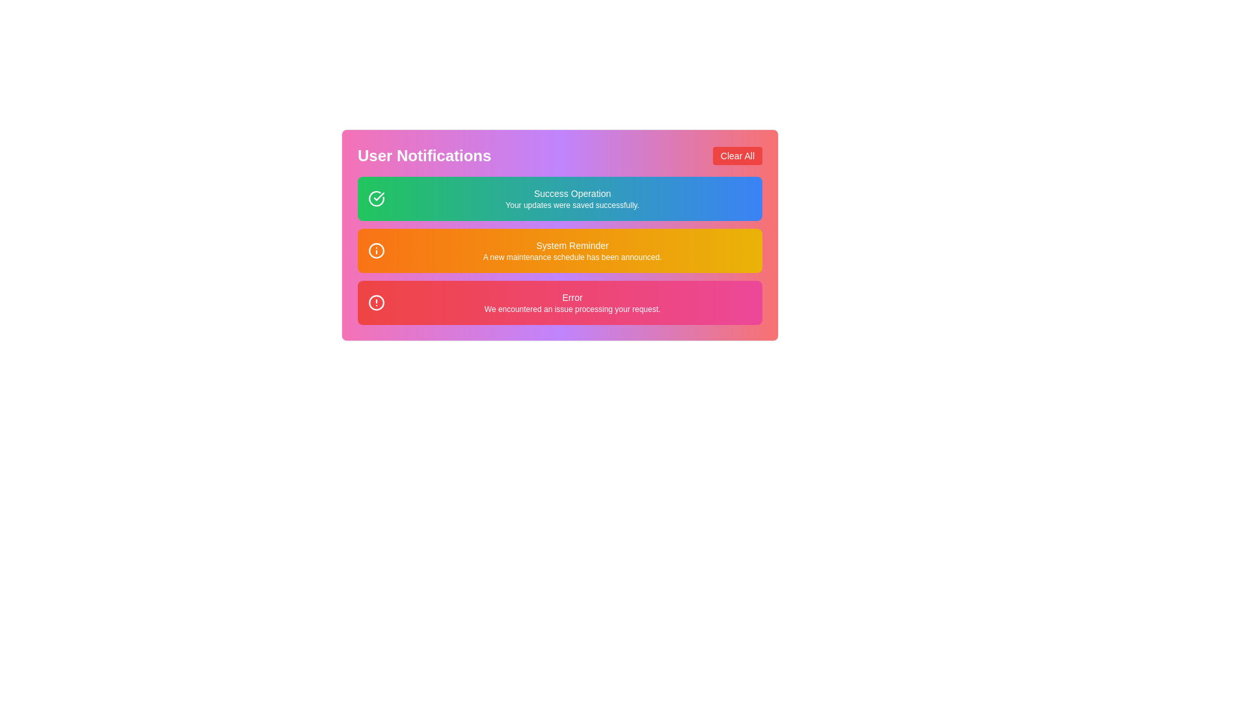 This screenshot has height=702, width=1249. What do you see at coordinates (737, 155) in the screenshot?
I see `the clear notifications button located in the upper-right corner of the notification panel` at bounding box center [737, 155].